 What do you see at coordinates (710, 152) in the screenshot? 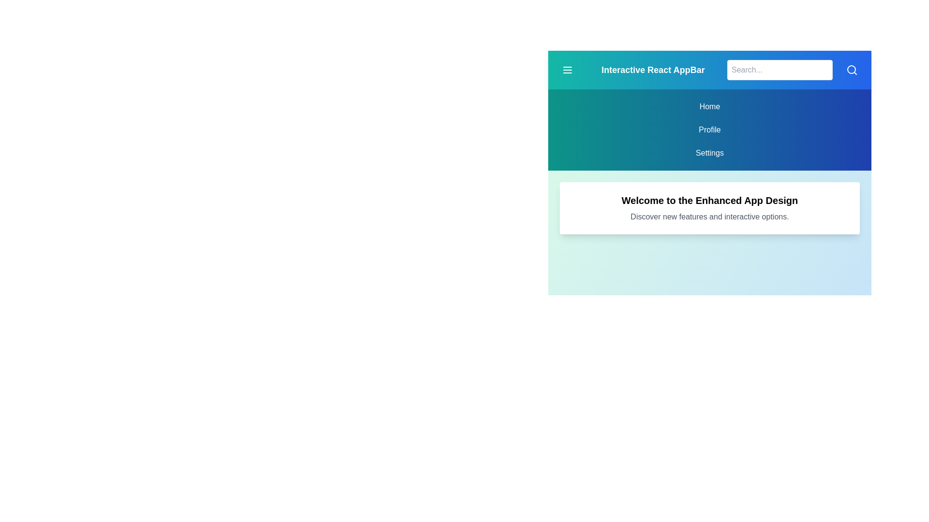
I see `the menu item corresponding to Settings` at bounding box center [710, 152].